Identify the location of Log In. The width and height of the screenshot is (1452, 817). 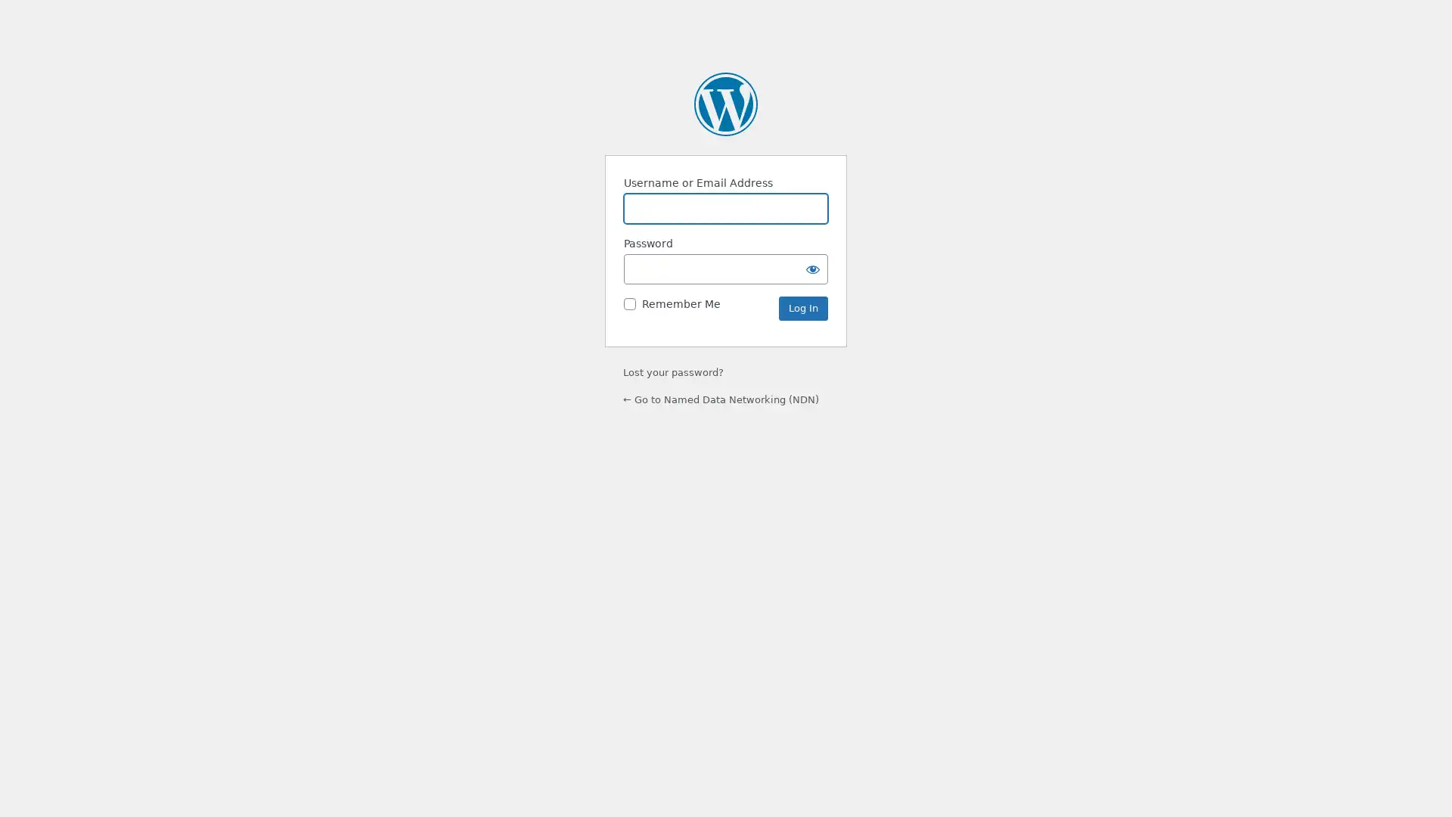
(802, 308).